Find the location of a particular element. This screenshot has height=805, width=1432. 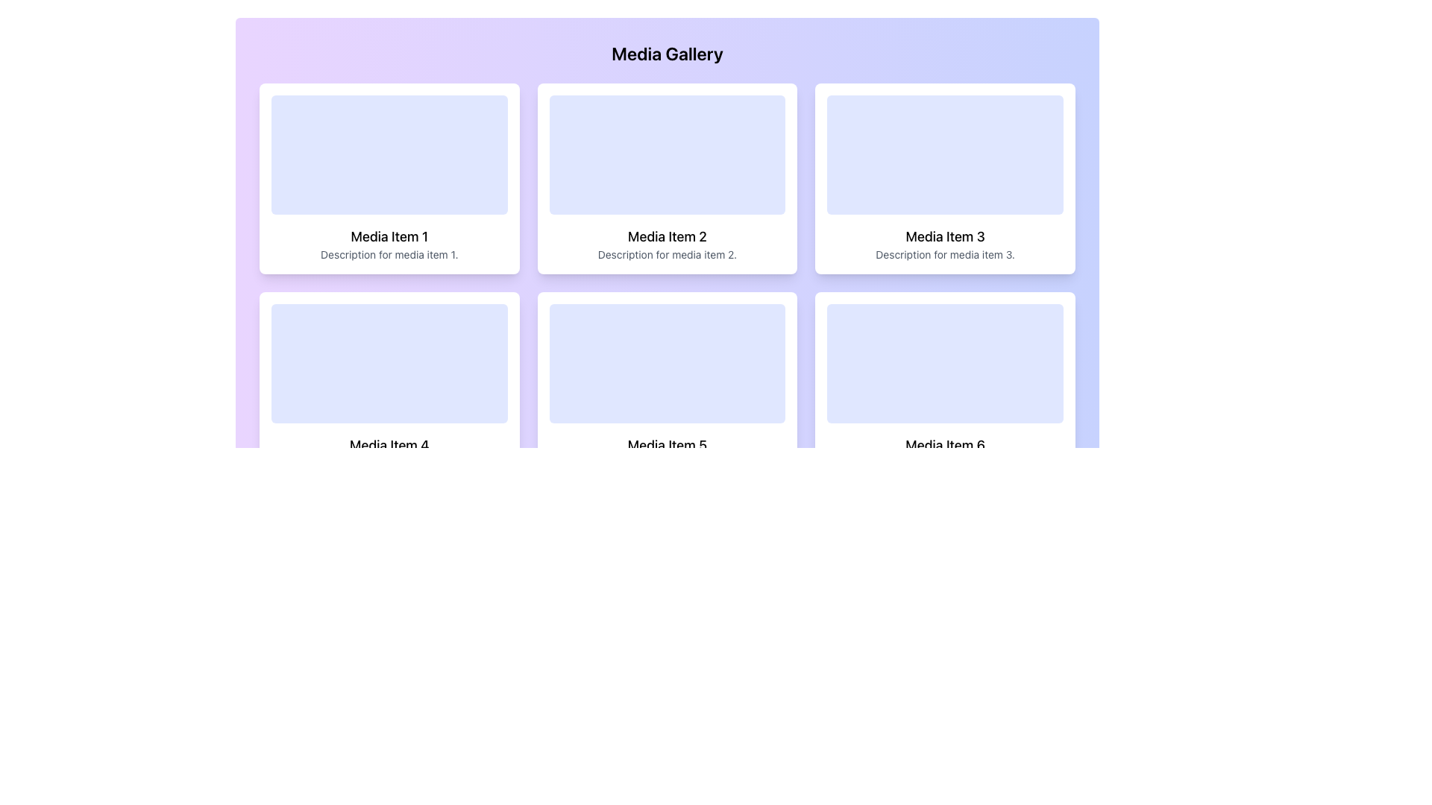

text from the label that says 'Media Item 6', which is located in the last card of the second row in the media gallery grid is located at coordinates (944, 444).